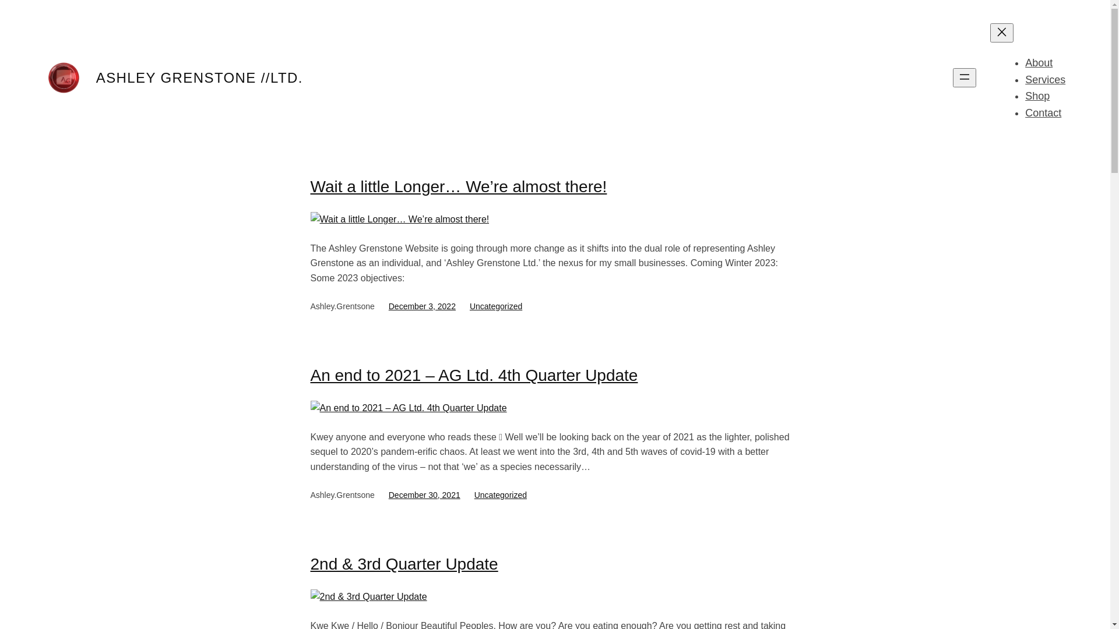 This screenshot has height=629, width=1119. What do you see at coordinates (403, 563) in the screenshot?
I see `'2nd & 3rd Quarter Update'` at bounding box center [403, 563].